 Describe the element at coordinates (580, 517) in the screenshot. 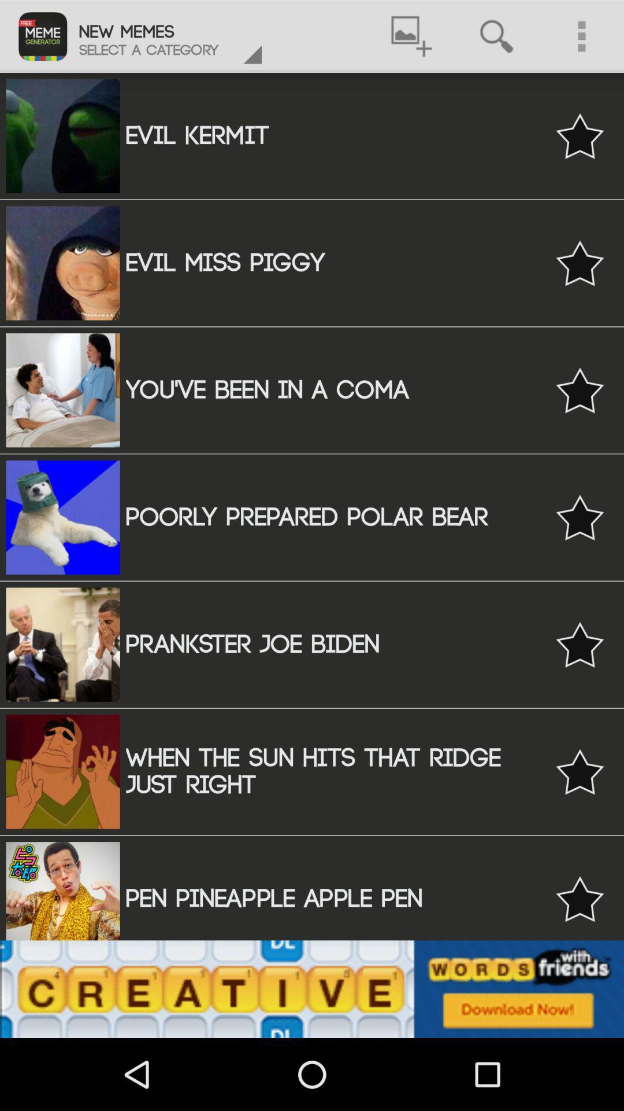

I see `touch` at that location.